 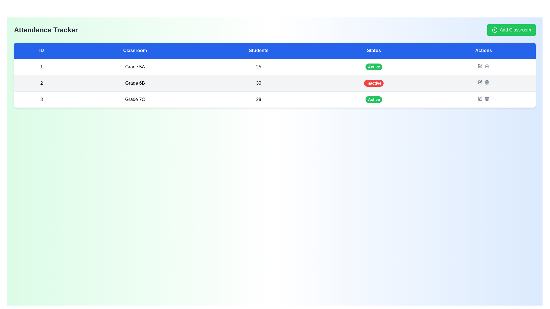 What do you see at coordinates (135, 99) in the screenshot?
I see `the centered text label displaying 'Grade 7C', located in the second column of the third row of a table` at bounding box center [135, 99].